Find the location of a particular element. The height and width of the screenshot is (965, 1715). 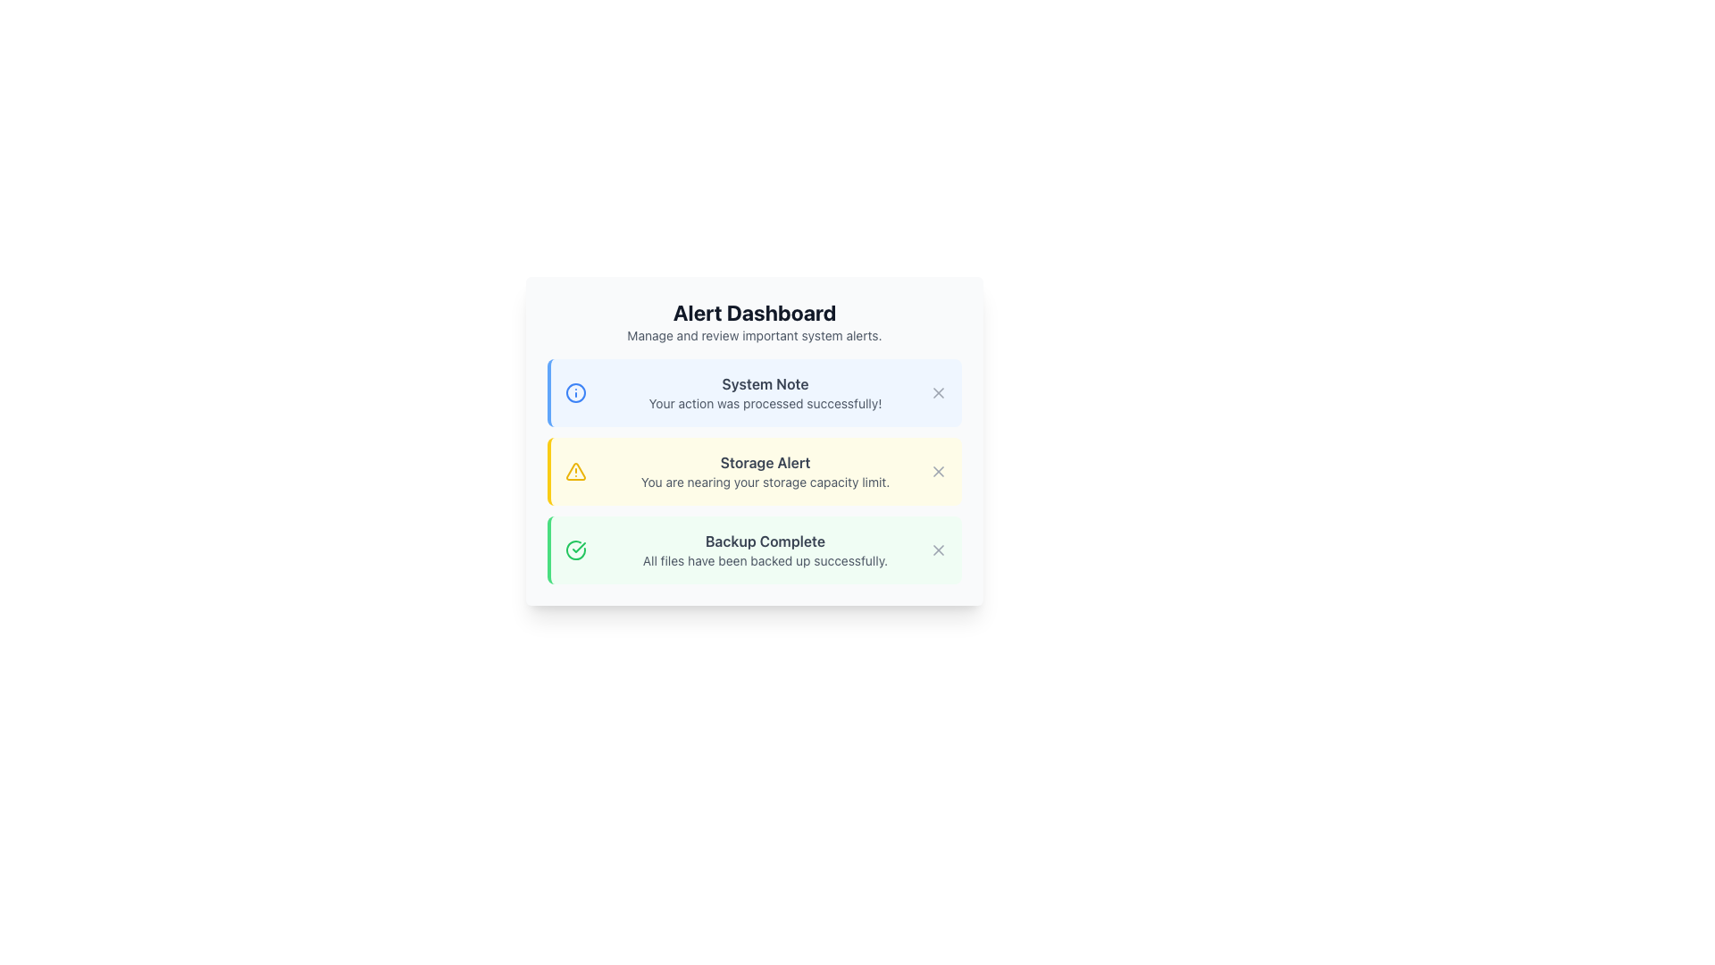

message displayed in the blue-highlighted notification box located beneath the 'Alert Dashboard' heading is located at coordinates (765, 391).